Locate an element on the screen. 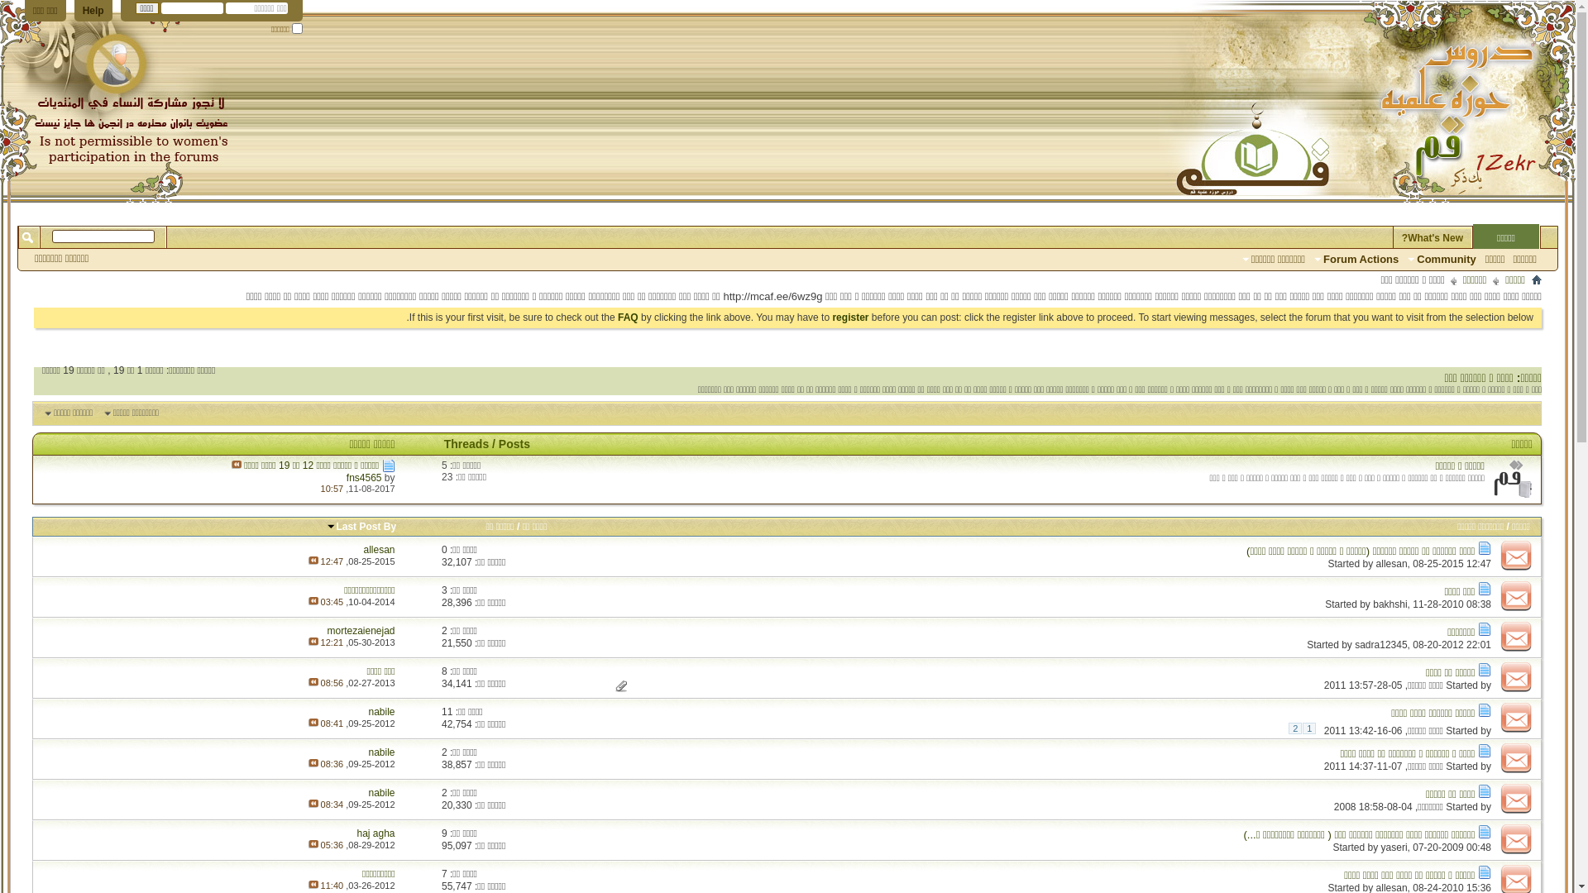 The width and height of the screenshot is (1588, 893). 'What's New?' is located at coordinates (1392, 237).